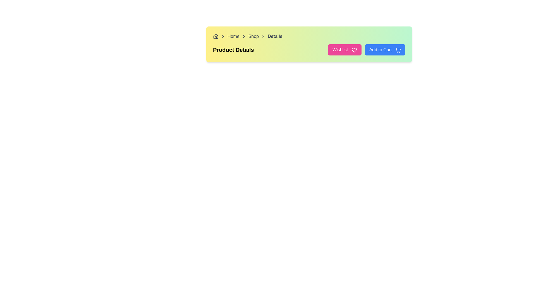 This screenshot has height=301, width=536. I want to click on the cart icon styled with the 'lucide-shopping-cart' class by, so click(398, 49).